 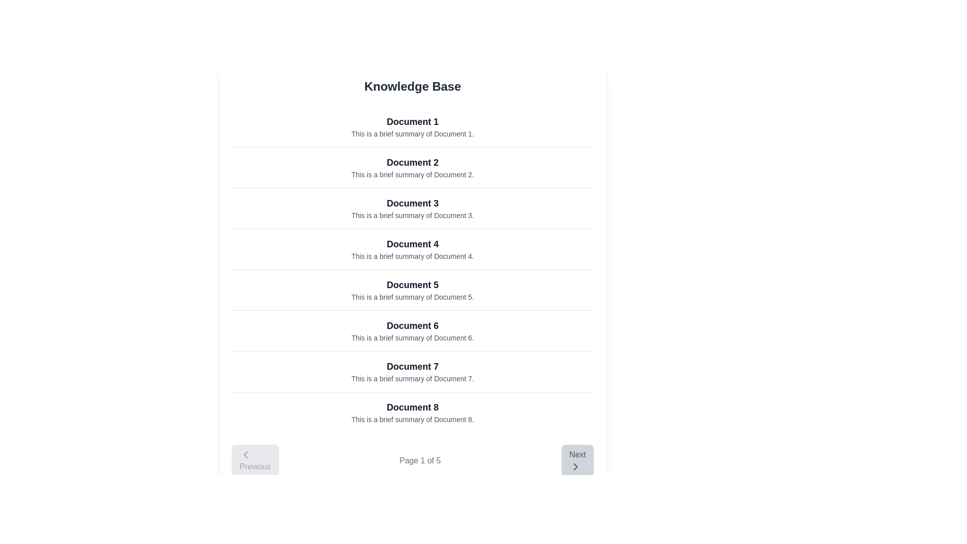 I want to click on text of the sixth List Item with Text that provides a summary of 'Document 6', so click(x=412, y=330).